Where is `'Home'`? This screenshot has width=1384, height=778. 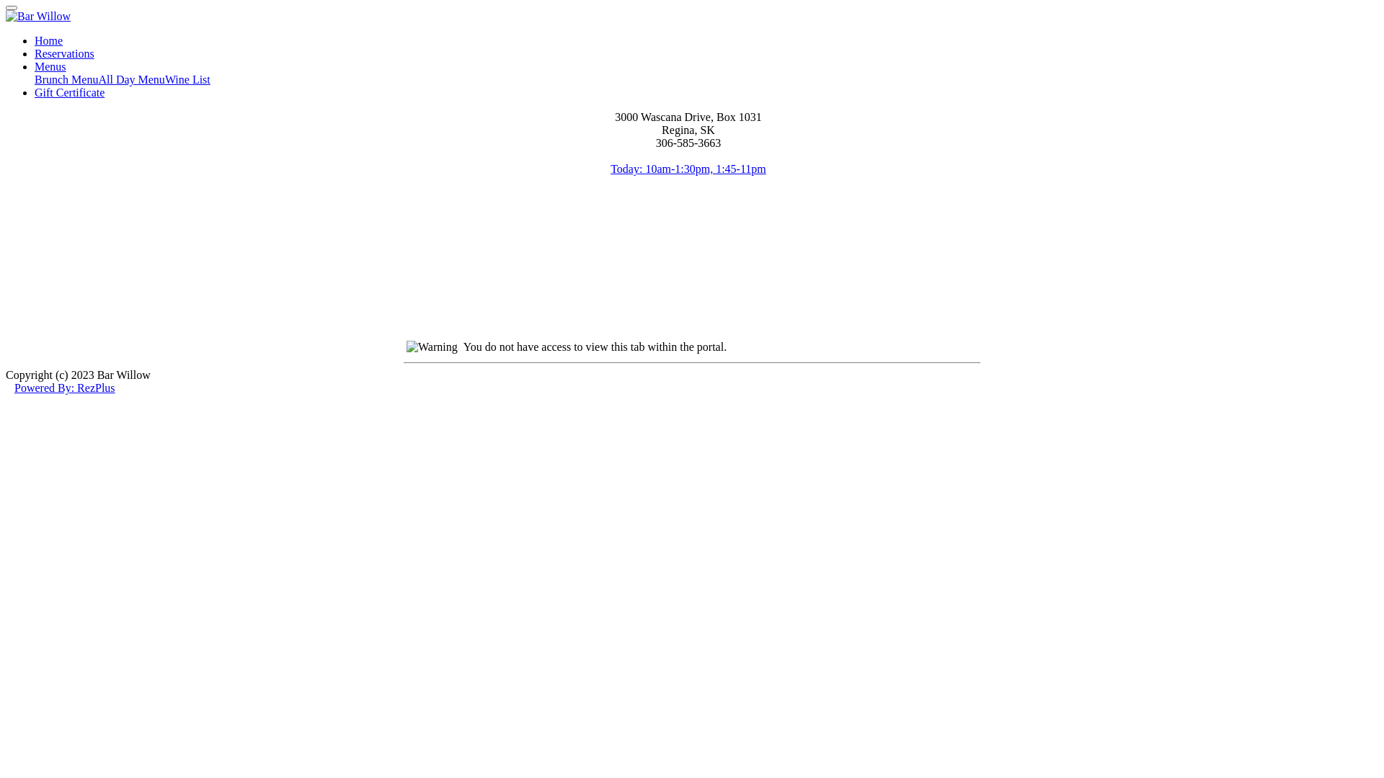
'Home' is located at coordinates (48, 40).